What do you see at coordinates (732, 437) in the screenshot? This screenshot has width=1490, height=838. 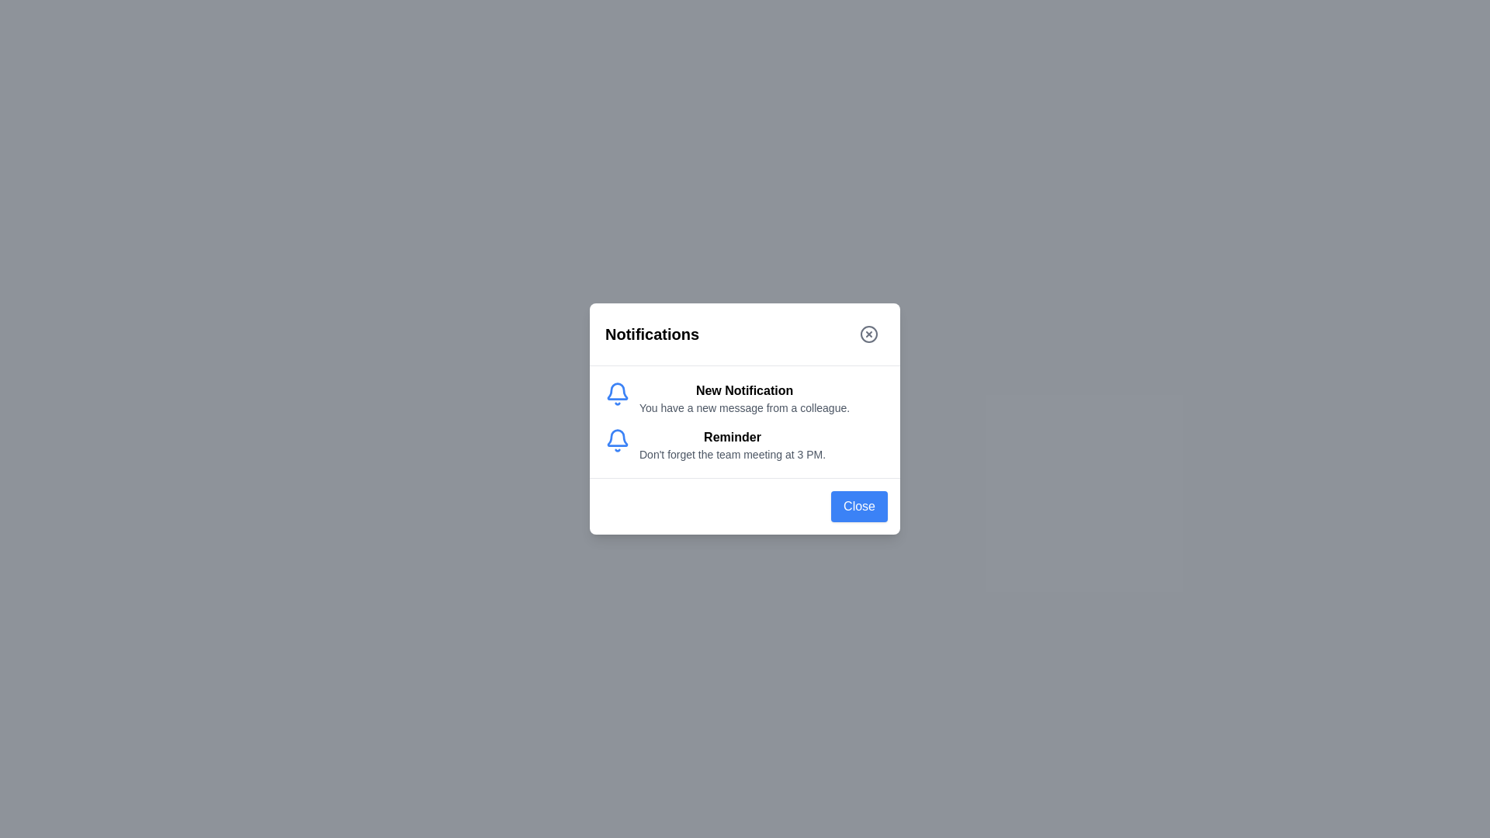 I see `the Label element that serves as the heading for the notification, located above the text detail 'Don't forget the team meeting at 3 PM.'` at bounding box center [732, 437].